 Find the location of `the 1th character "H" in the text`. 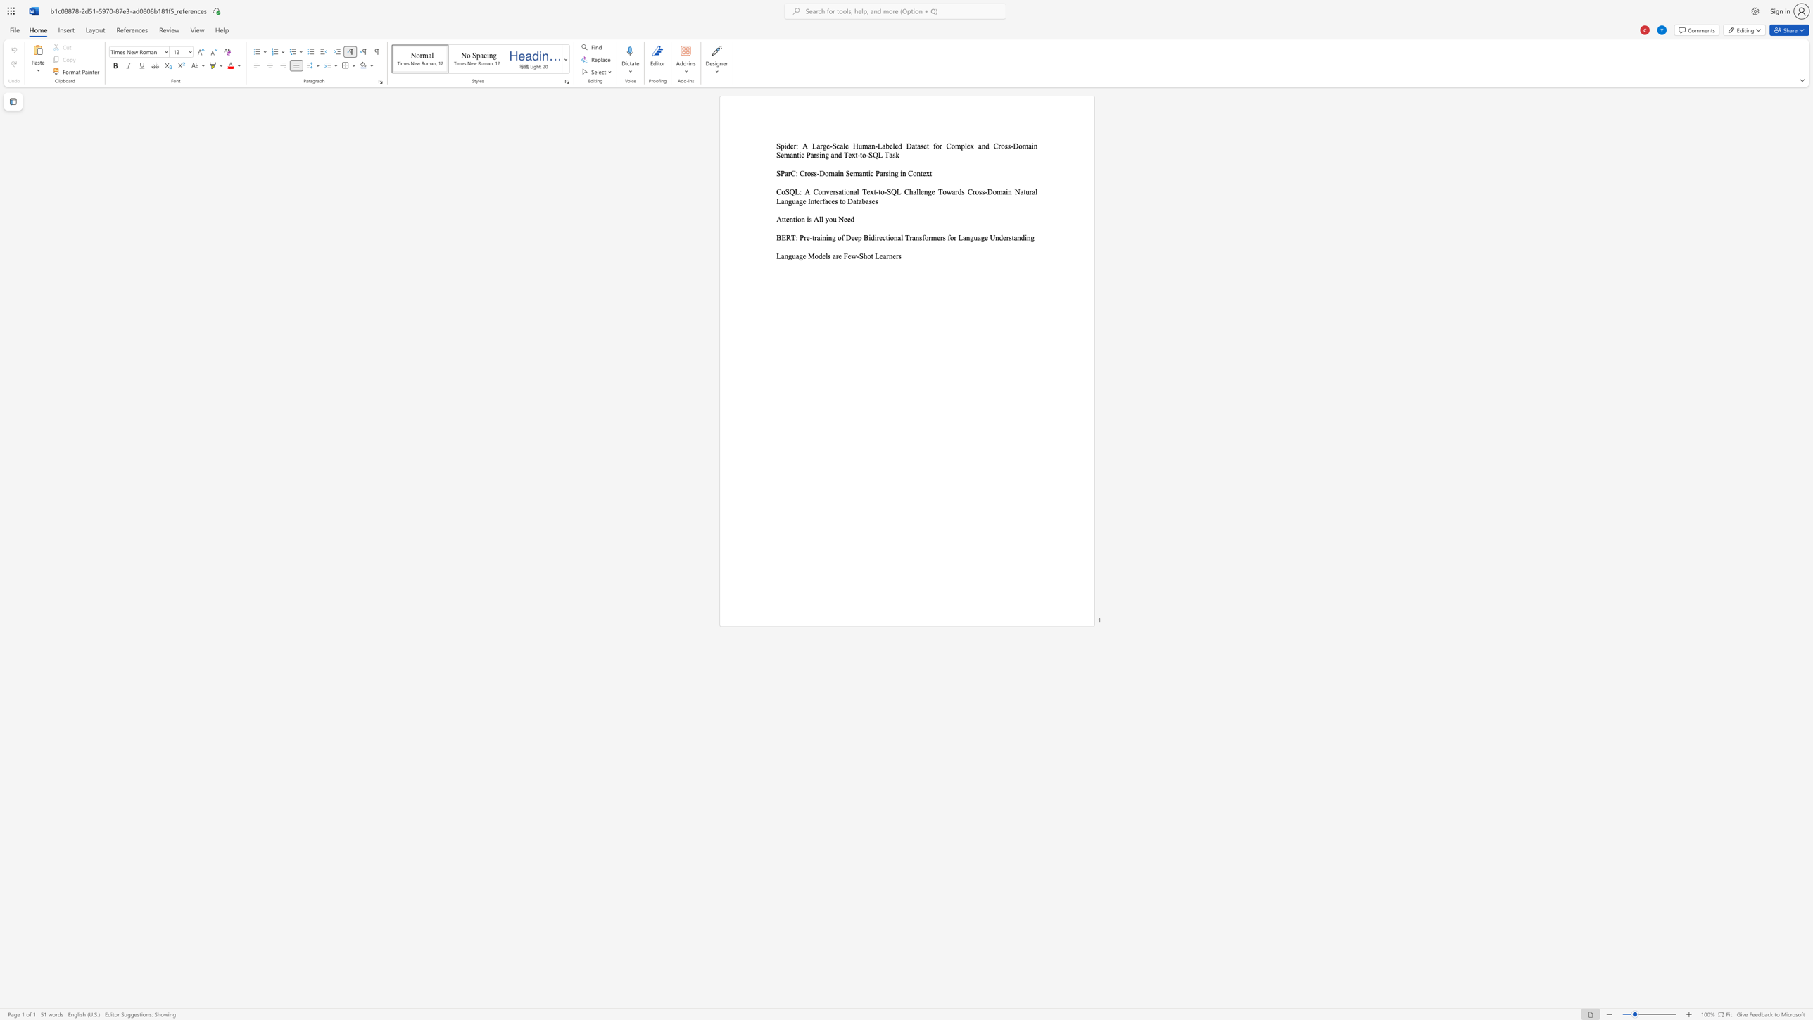

the 1th character "H" in the text is located at coordinates (855, 146).